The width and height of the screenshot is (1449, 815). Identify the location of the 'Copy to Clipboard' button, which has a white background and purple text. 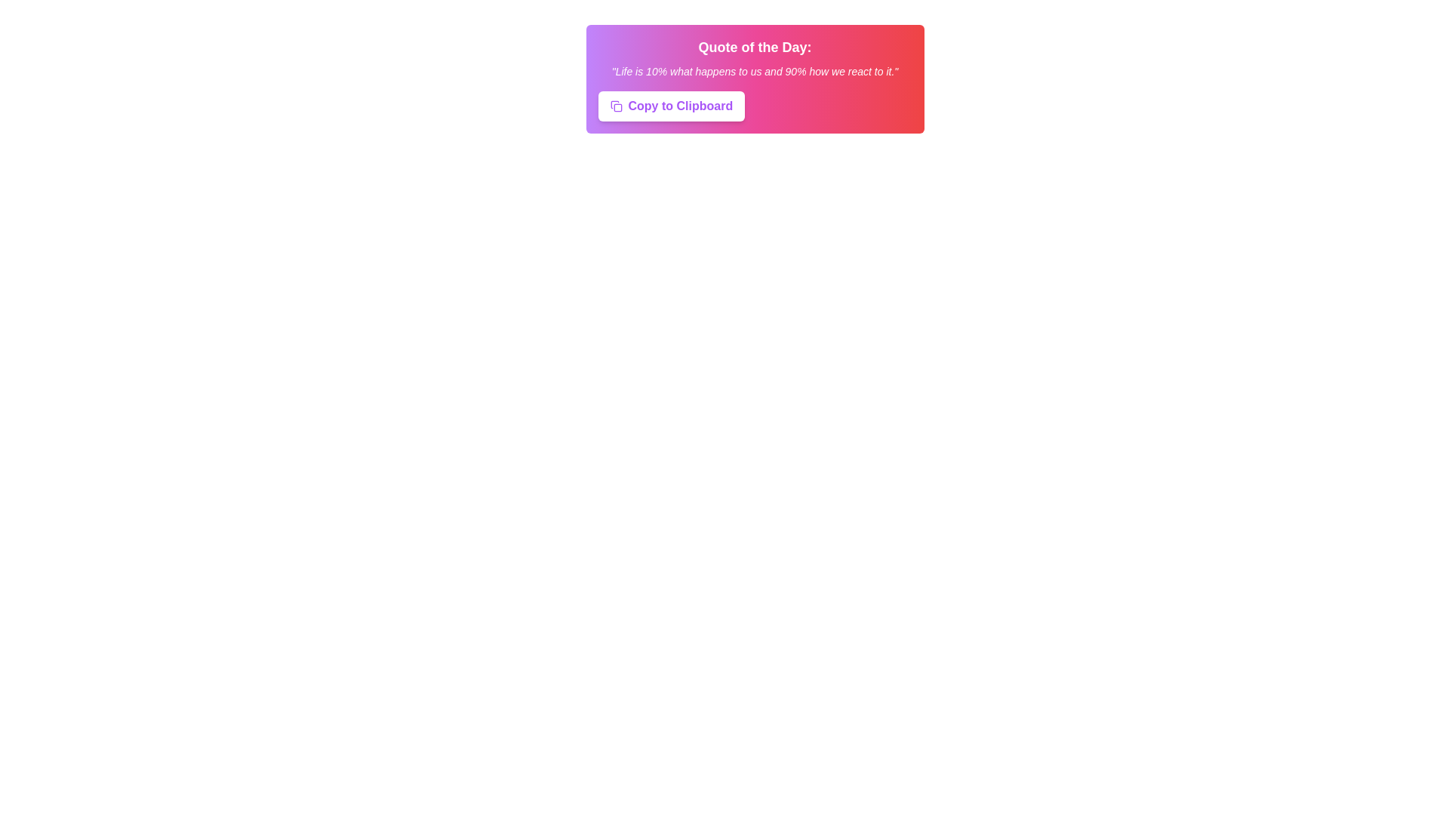
(670, 106).